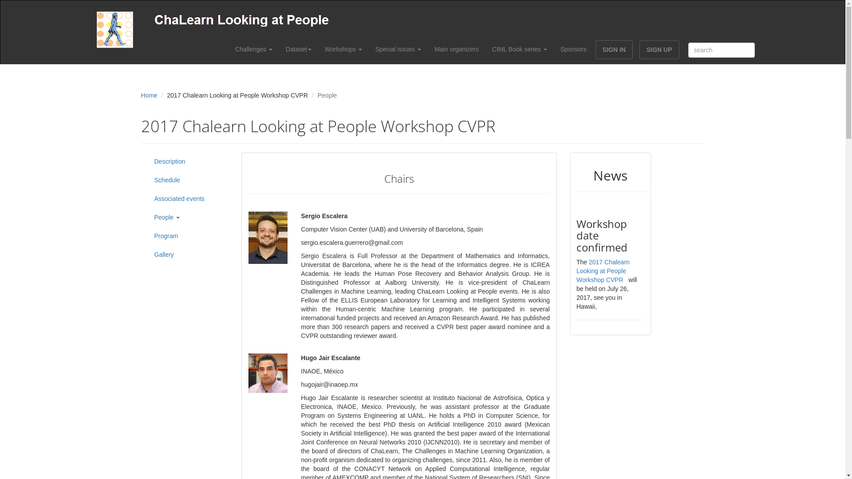 This screenshot has width=852, height=479. Describe the element at coordinates (298, 49) in the screenshot. I see `'Dataset'` at that location.